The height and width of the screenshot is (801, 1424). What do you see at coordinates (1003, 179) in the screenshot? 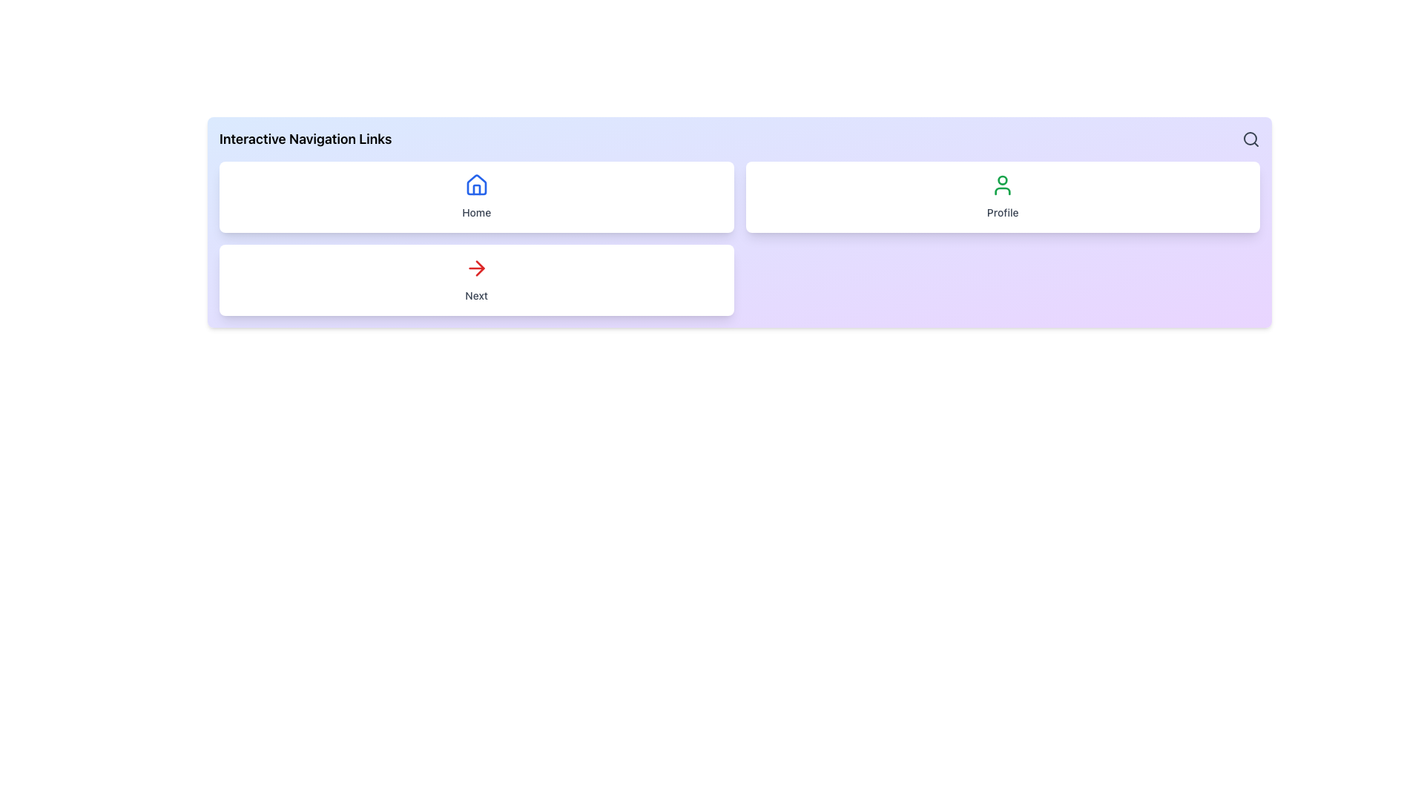
I see `the decorative status indicator circle located within the user profile icon on the right card labeled 'Profile'` at bounding box center [1003, 179].